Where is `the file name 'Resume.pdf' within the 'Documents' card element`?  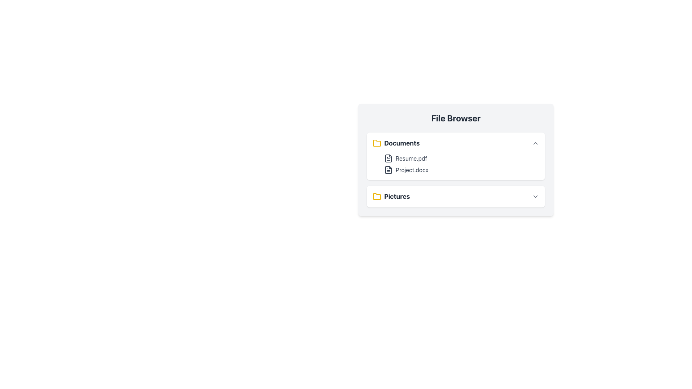
the file name 'Resume.pdf' within the 'Documents' card element is located at coordinates (456, 156).